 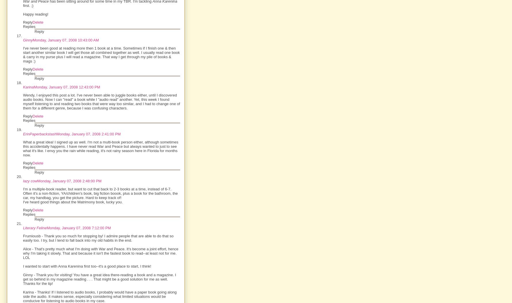 I want to click on 'Ginny - Thank you for visiting!  You have a great idea there-reading a book and a magazine.  I get so behind in my magazine reading . . . That might be a good solution for me as well.  Thanks for the tip!', so click(x=99, y=279).